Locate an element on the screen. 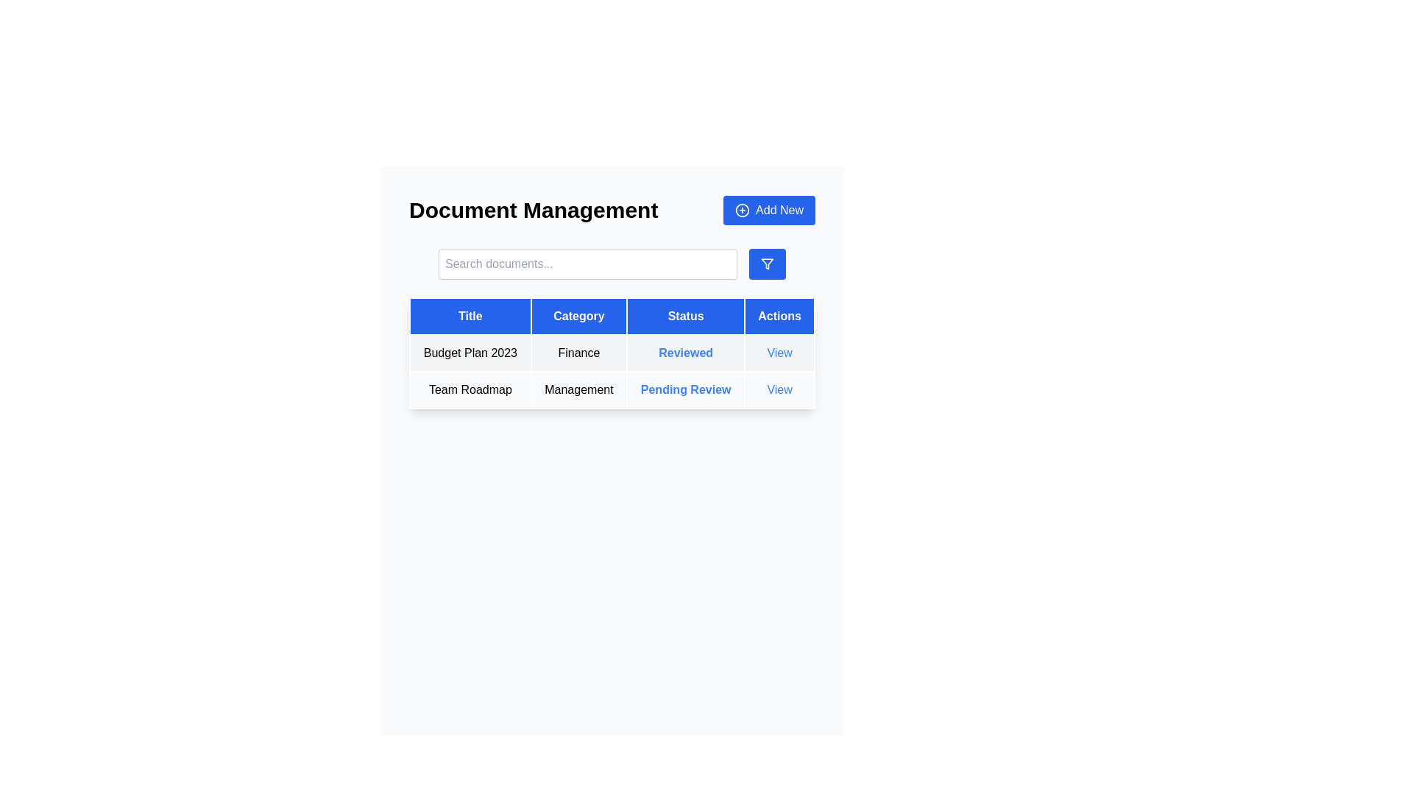 The image size is (1413, 795). the text label displaying 'Management' that is centrally aligned under the 'Category' column in the 'Team Roadmap' row of the table is located at coordinates (578, 389).